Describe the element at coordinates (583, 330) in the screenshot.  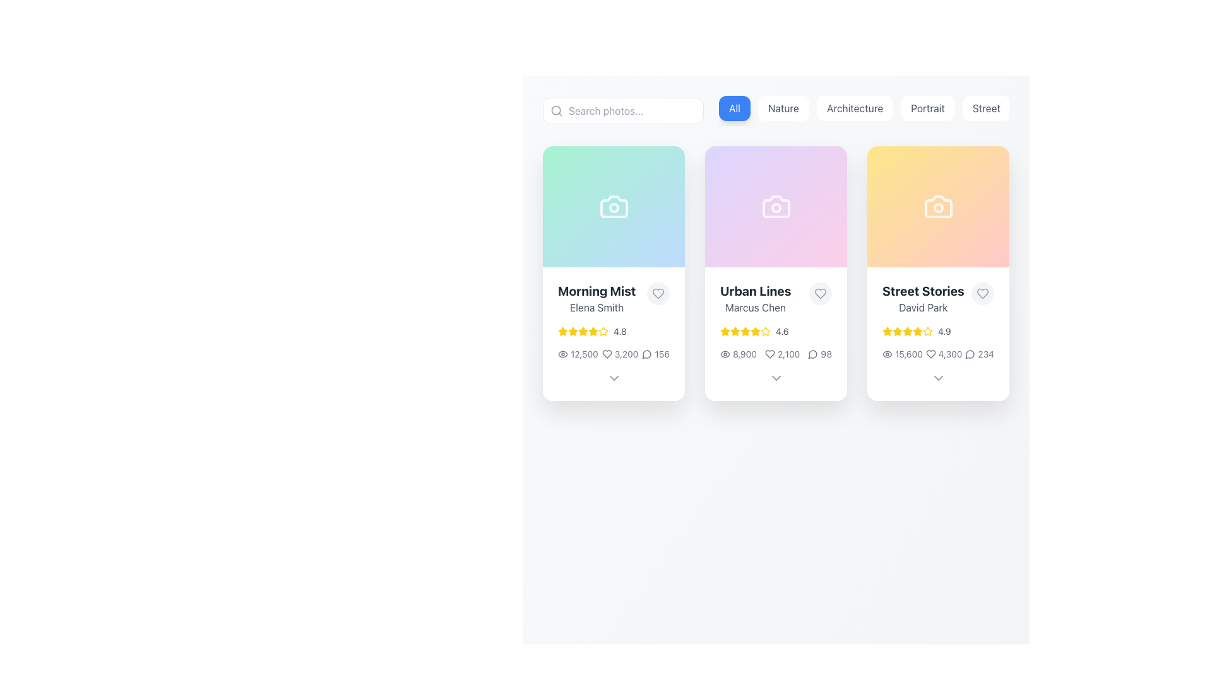
I see `the second star icon representing the rating for the 'Morning Mist' content, which is part of a sequence of five stars in the rating display` at that location.